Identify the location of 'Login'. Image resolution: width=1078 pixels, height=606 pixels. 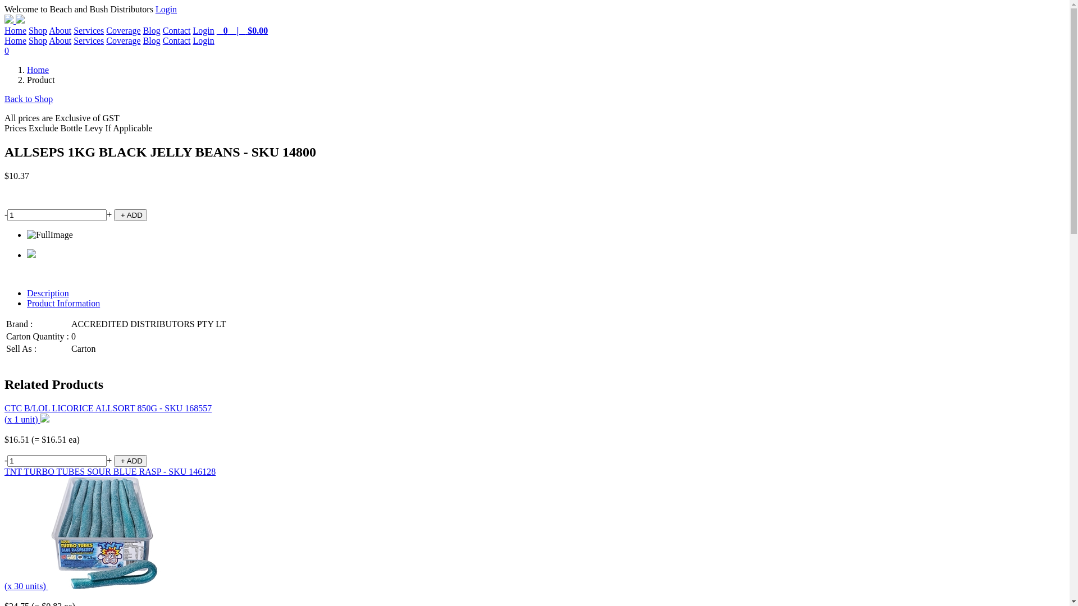
(204, 30).